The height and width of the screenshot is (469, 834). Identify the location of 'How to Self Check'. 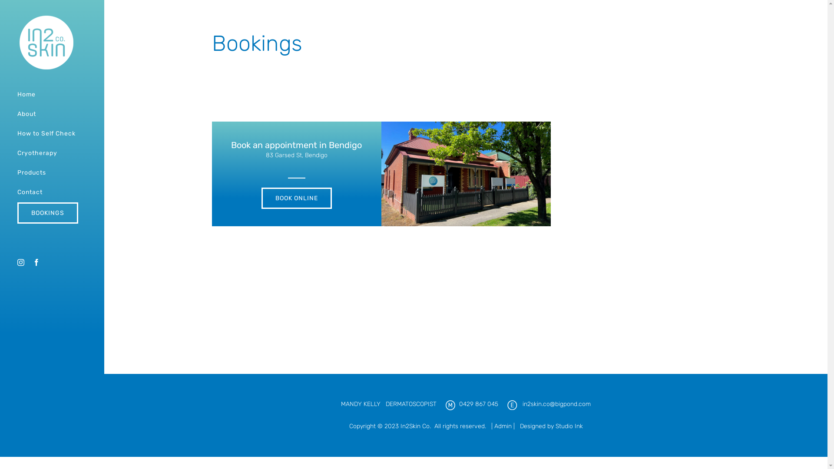
(0, 134).